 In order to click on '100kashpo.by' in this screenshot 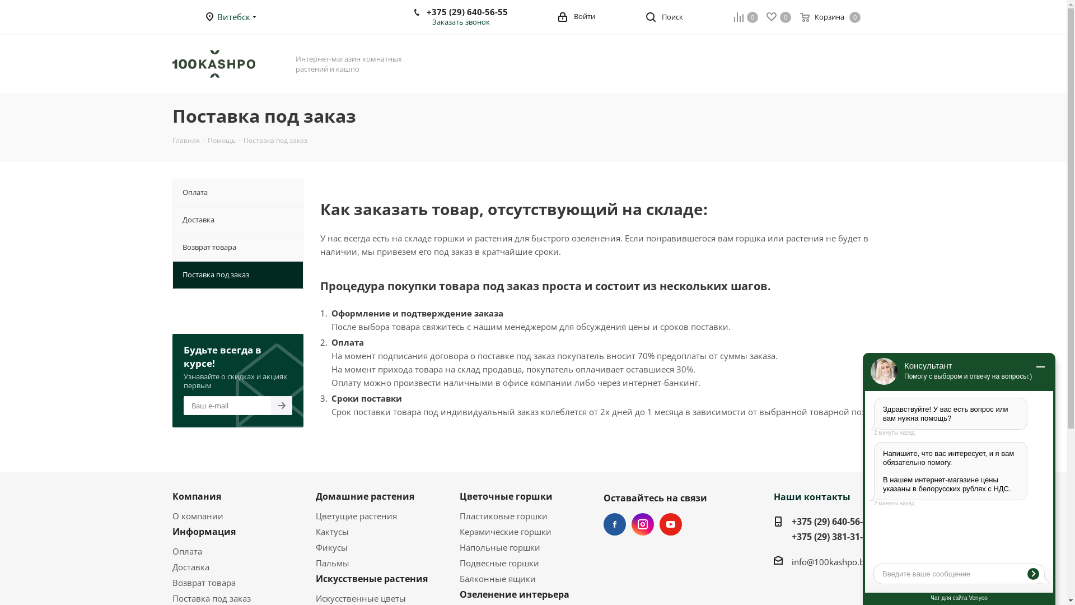, I will do `click(214, 64)`.